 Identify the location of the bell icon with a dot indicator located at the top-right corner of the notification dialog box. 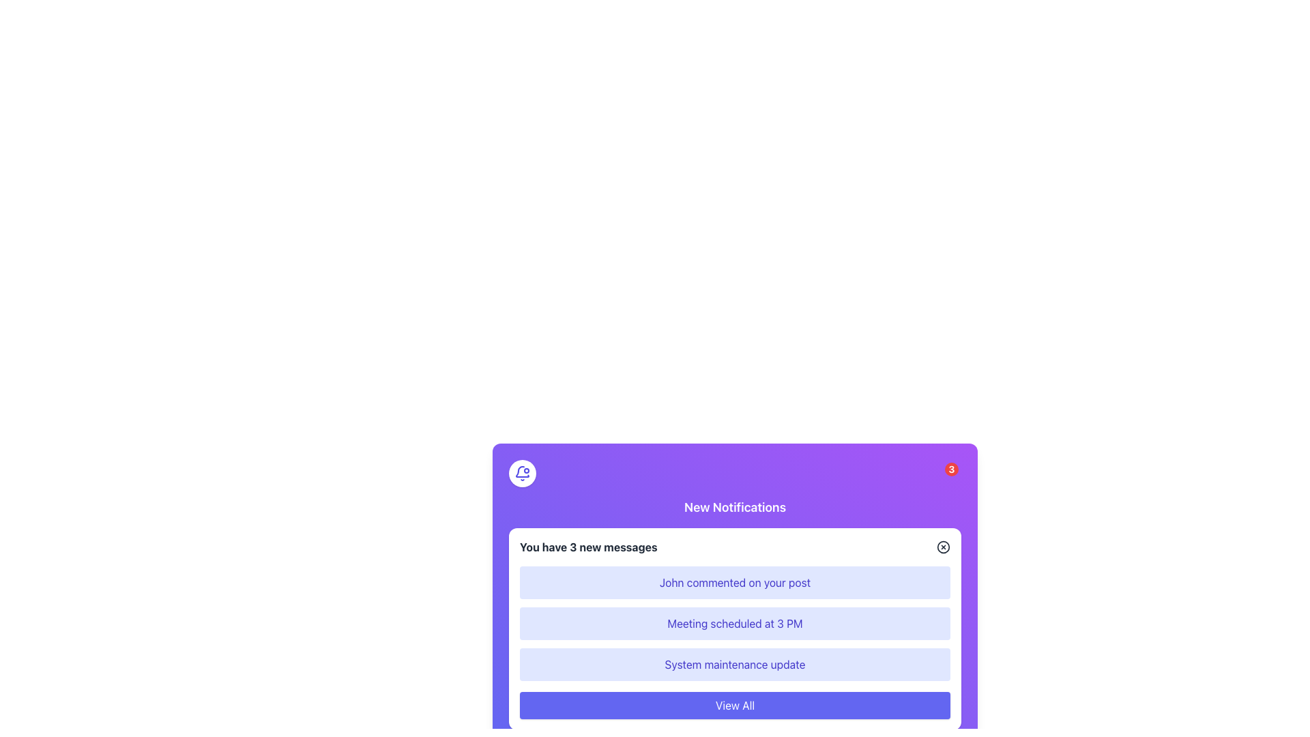
(522, 473).